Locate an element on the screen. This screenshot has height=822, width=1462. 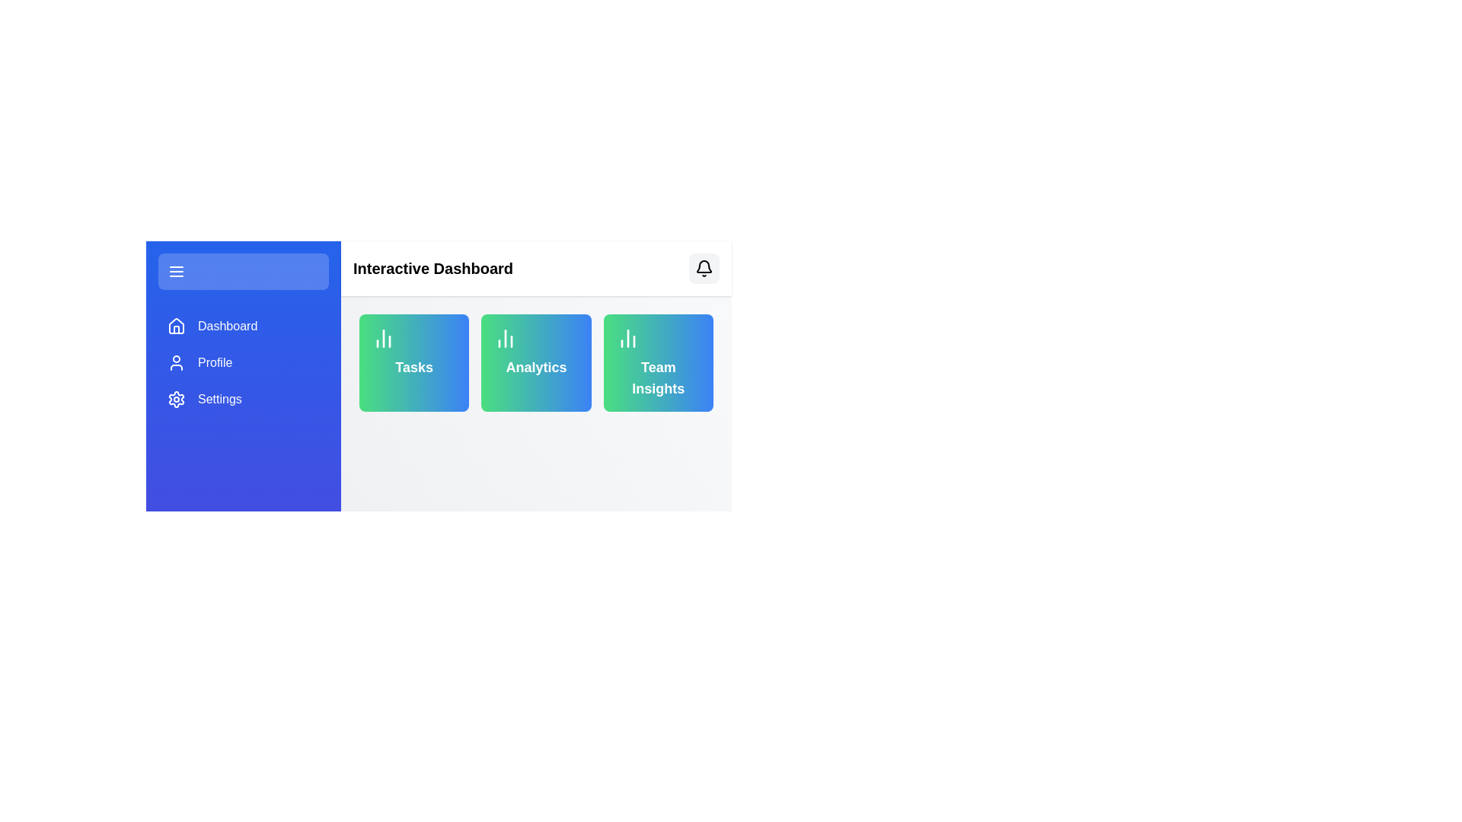
the central composite UI component containing navigation buttons, labels, and informational cards to interact with it is located at coordinates (438, 367).